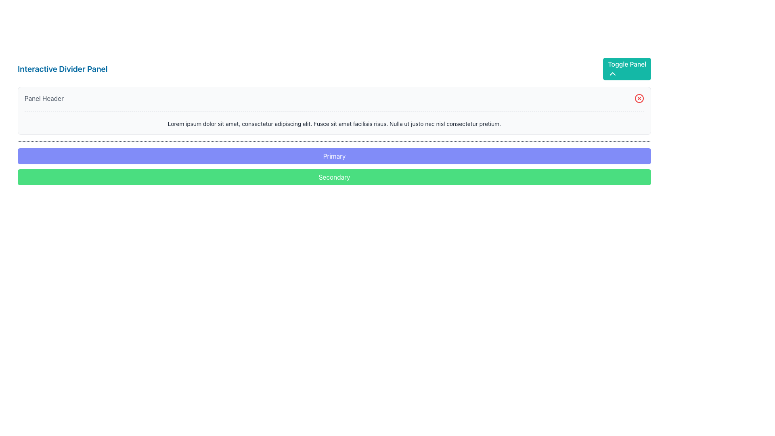  Describe the element at coordinates (613, 73) in the screenshot. I see `the white upward-pointing chevron icon inside the turquoise 'Toggle Panel' button` at that location.